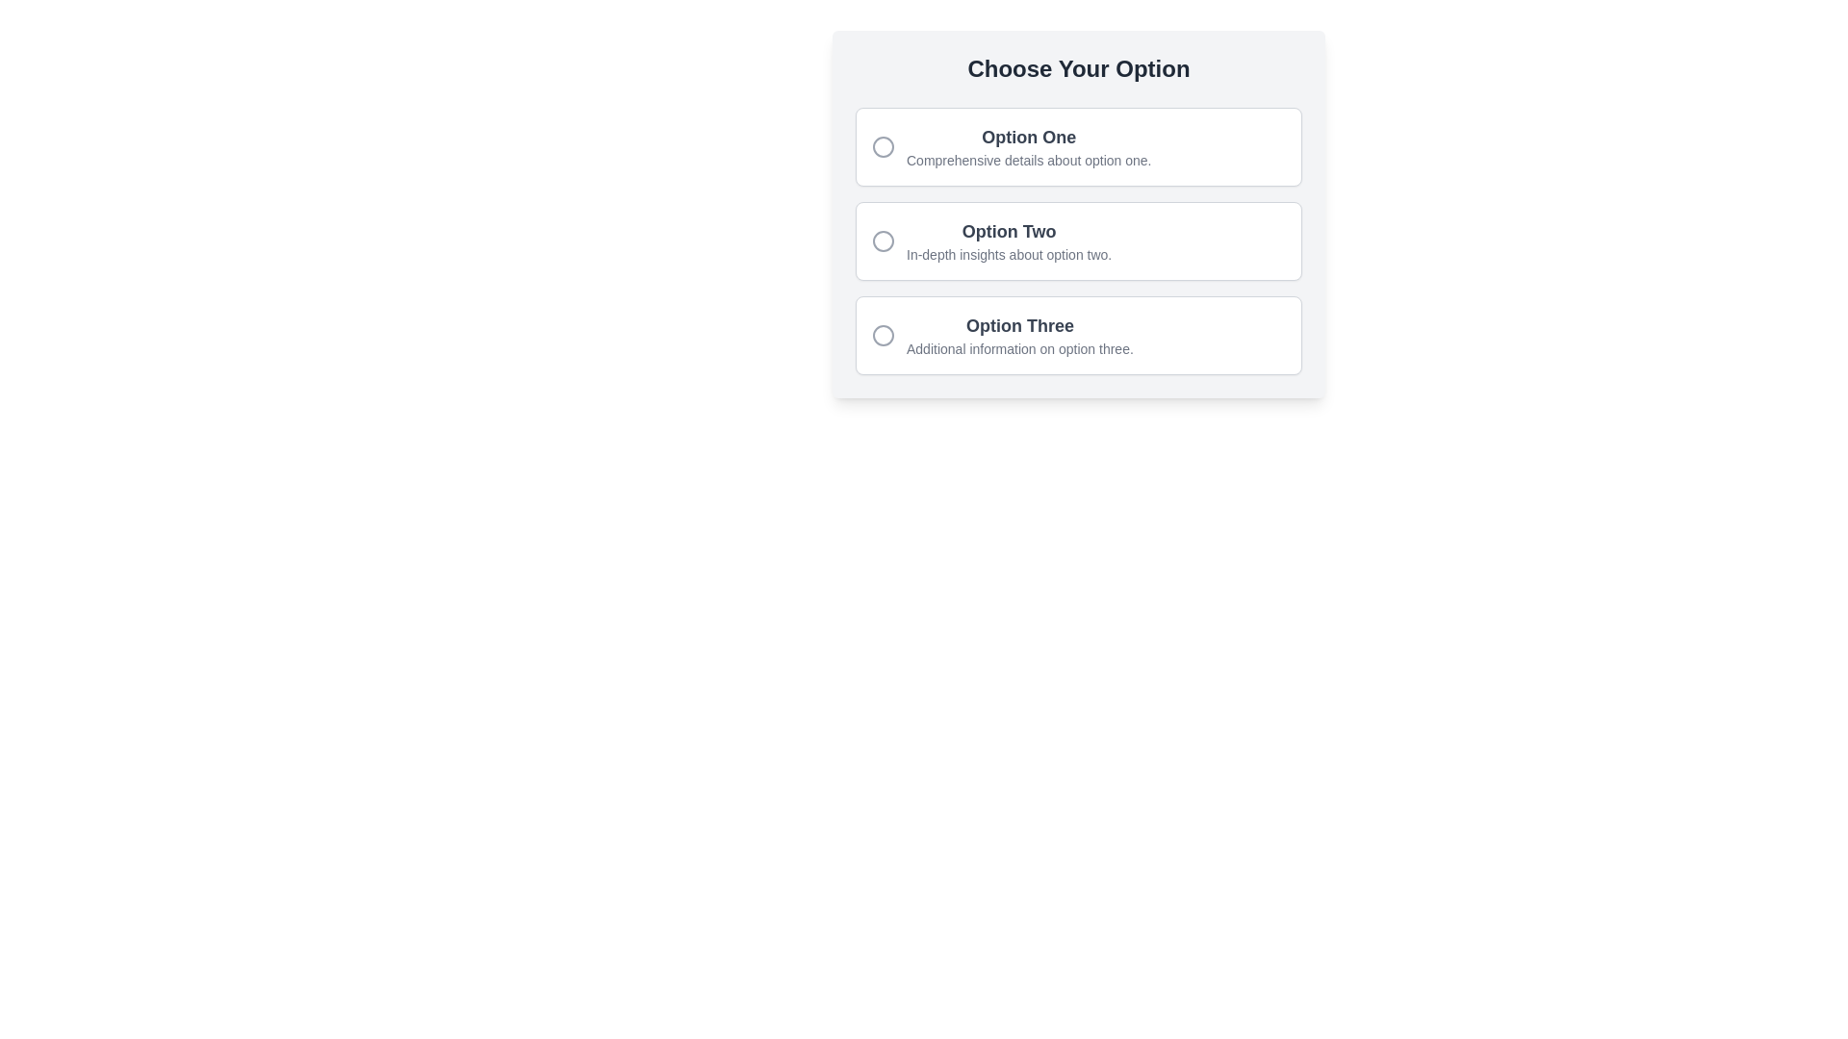  What do you see at coordinates (882, 146) in the screenshot?
I see `the circular gray radio button indicator located next to the 'Option One' text in the vertical list of choices` at bounding box center [882, 146].